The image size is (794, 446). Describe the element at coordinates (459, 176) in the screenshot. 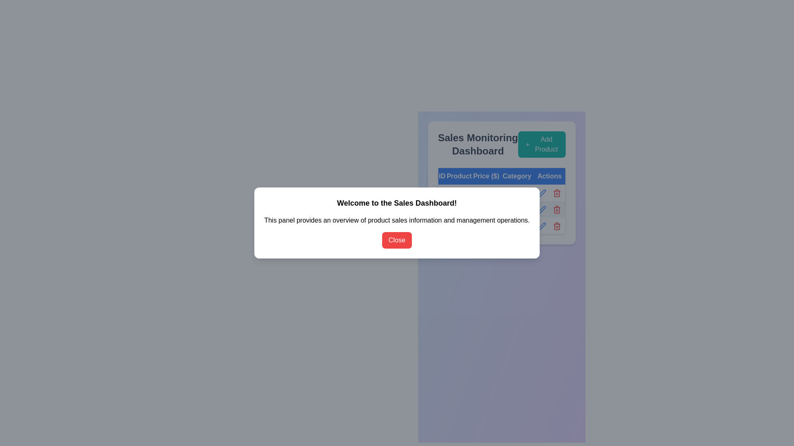

I see `the 'Product' text label which is displayed in light-colored text on a blue background, positioned as the second label in a header alongside 'ID', 'Price ($)', 'Category', and 'Actions'` at that location.